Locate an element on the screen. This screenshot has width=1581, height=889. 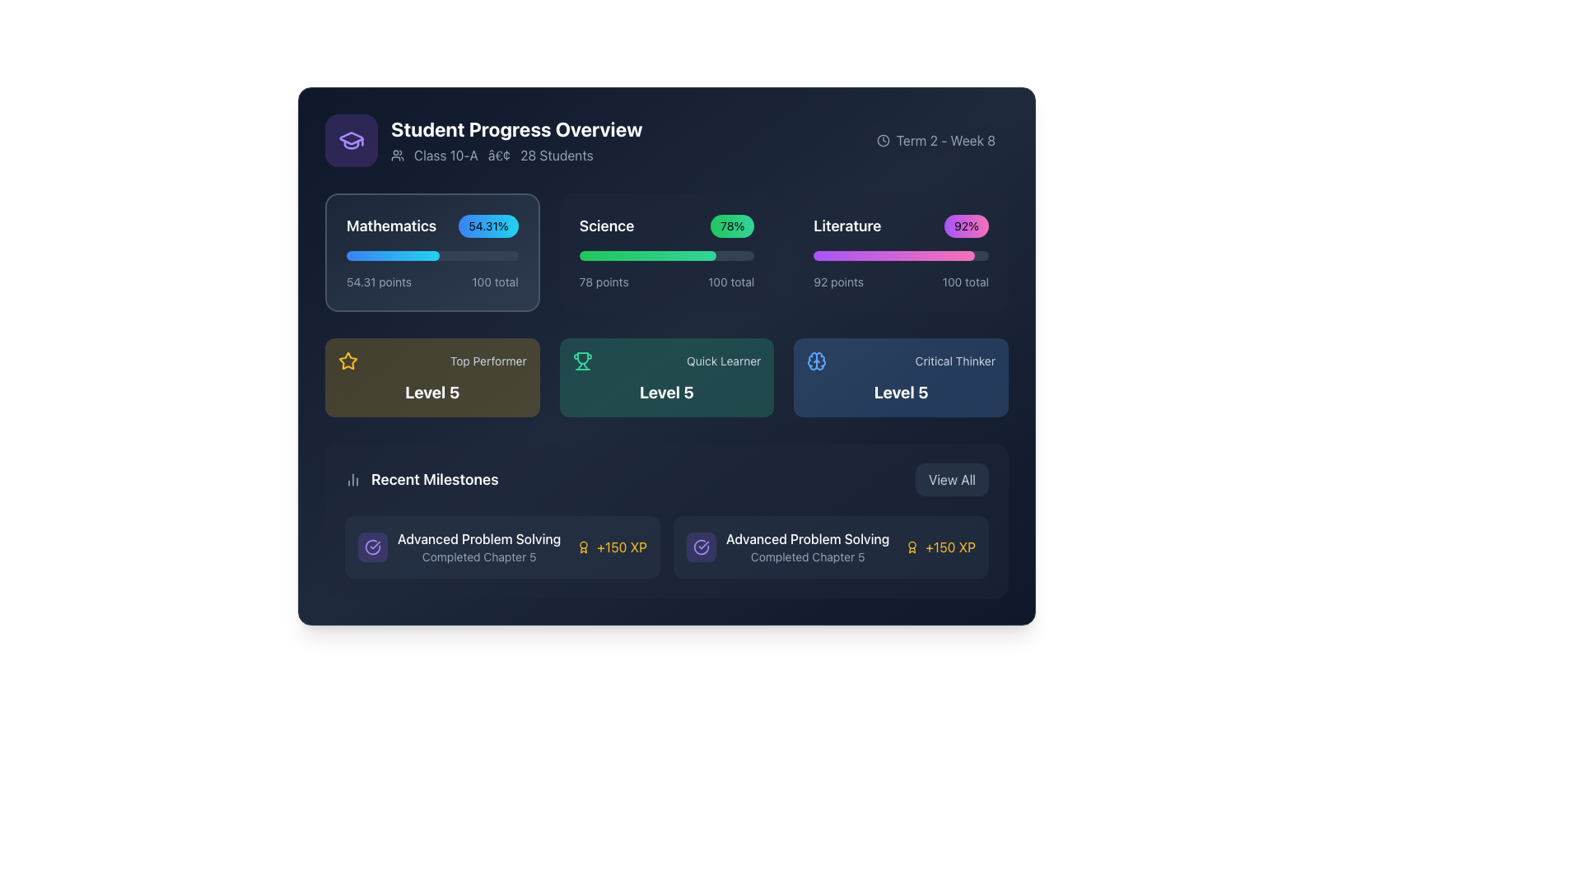
the Progress Overview Tile displaying 'Literature' for additional information is located at coordinates (900, 253).